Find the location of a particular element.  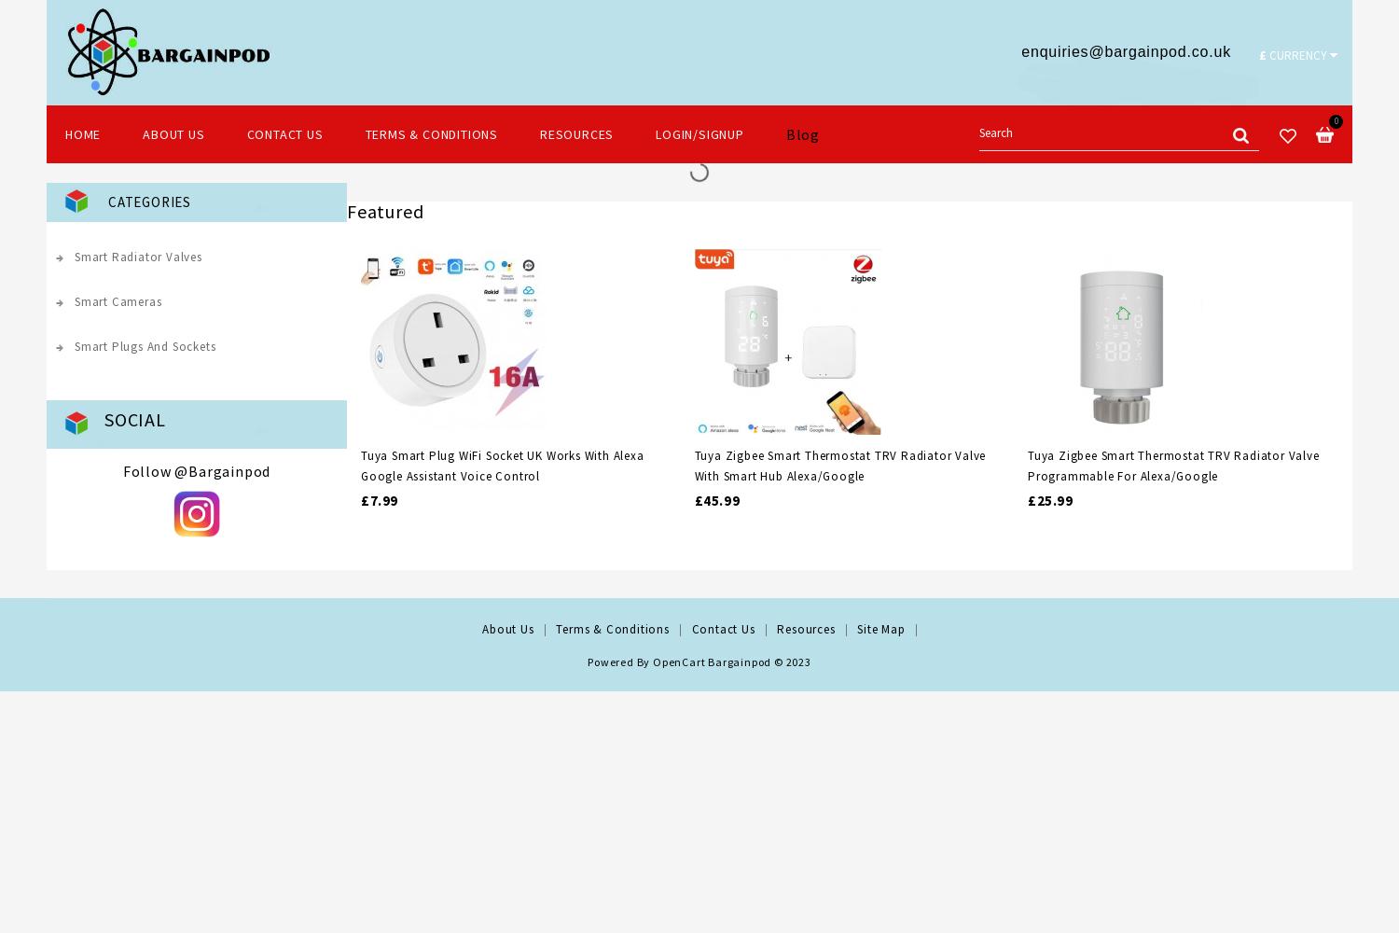

'Smart Plugs and Sockets' is located at coordinates (145, 345).